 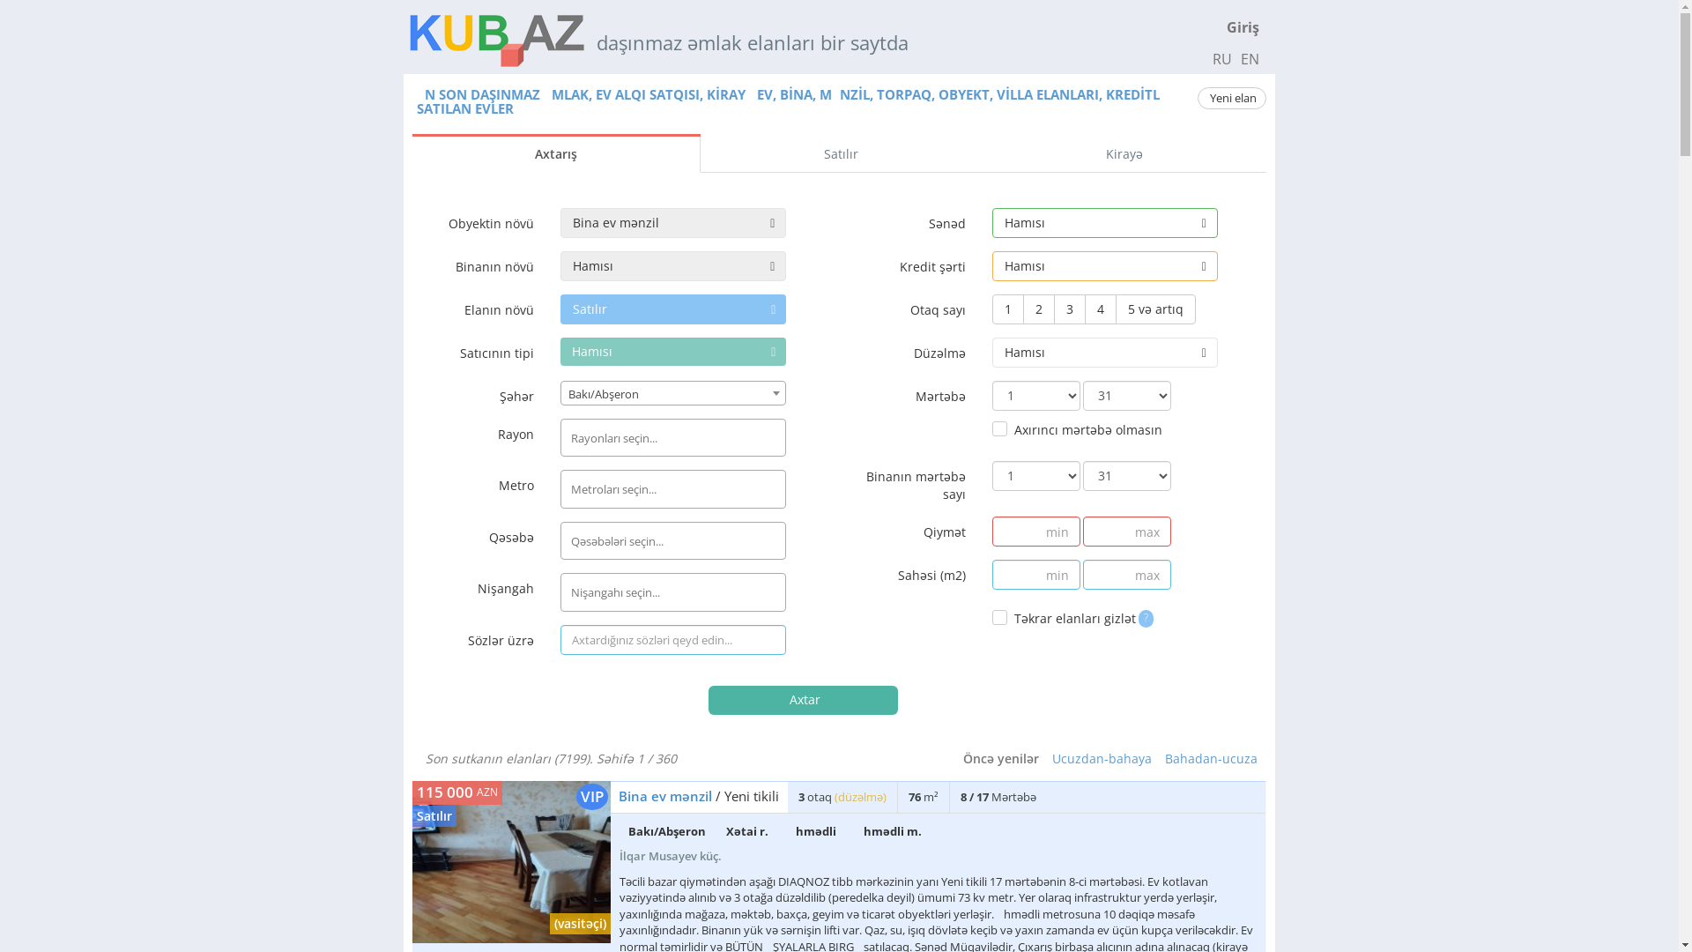 What do you see at coordinates (1146, 615) in the screenshot?
I see `'?'` at bounding box center [1146, 615].